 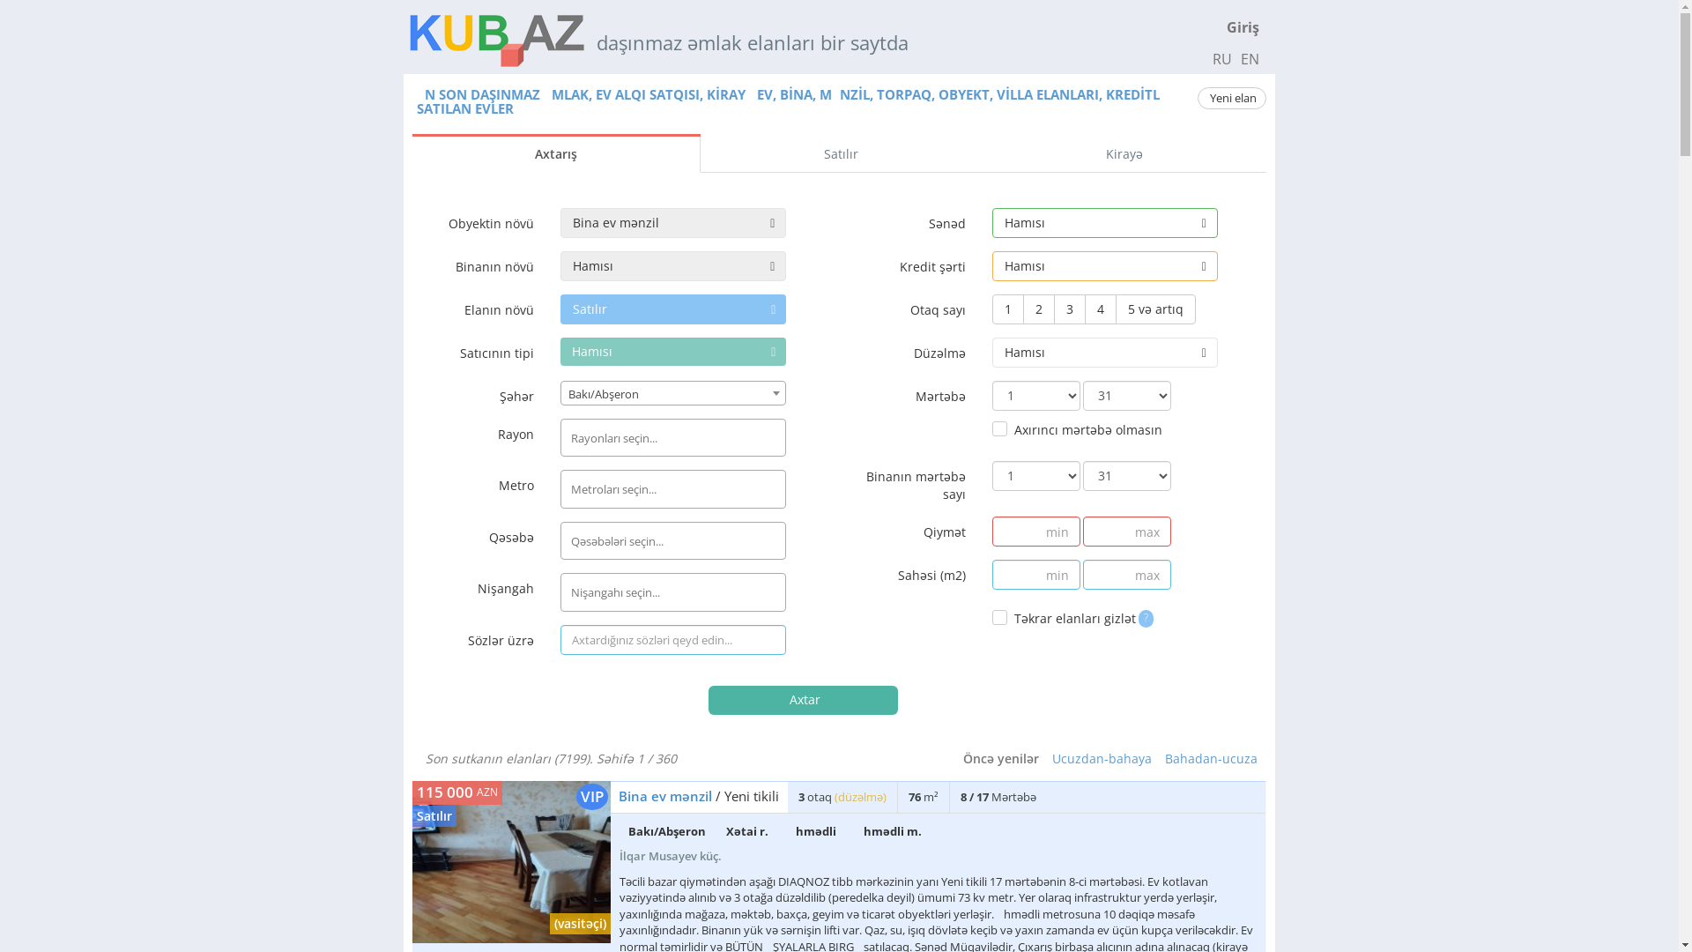 What do you see at coordinates (1146, 615) in the screenshot?
I see `'?'` at bounding box center [1146, 615].